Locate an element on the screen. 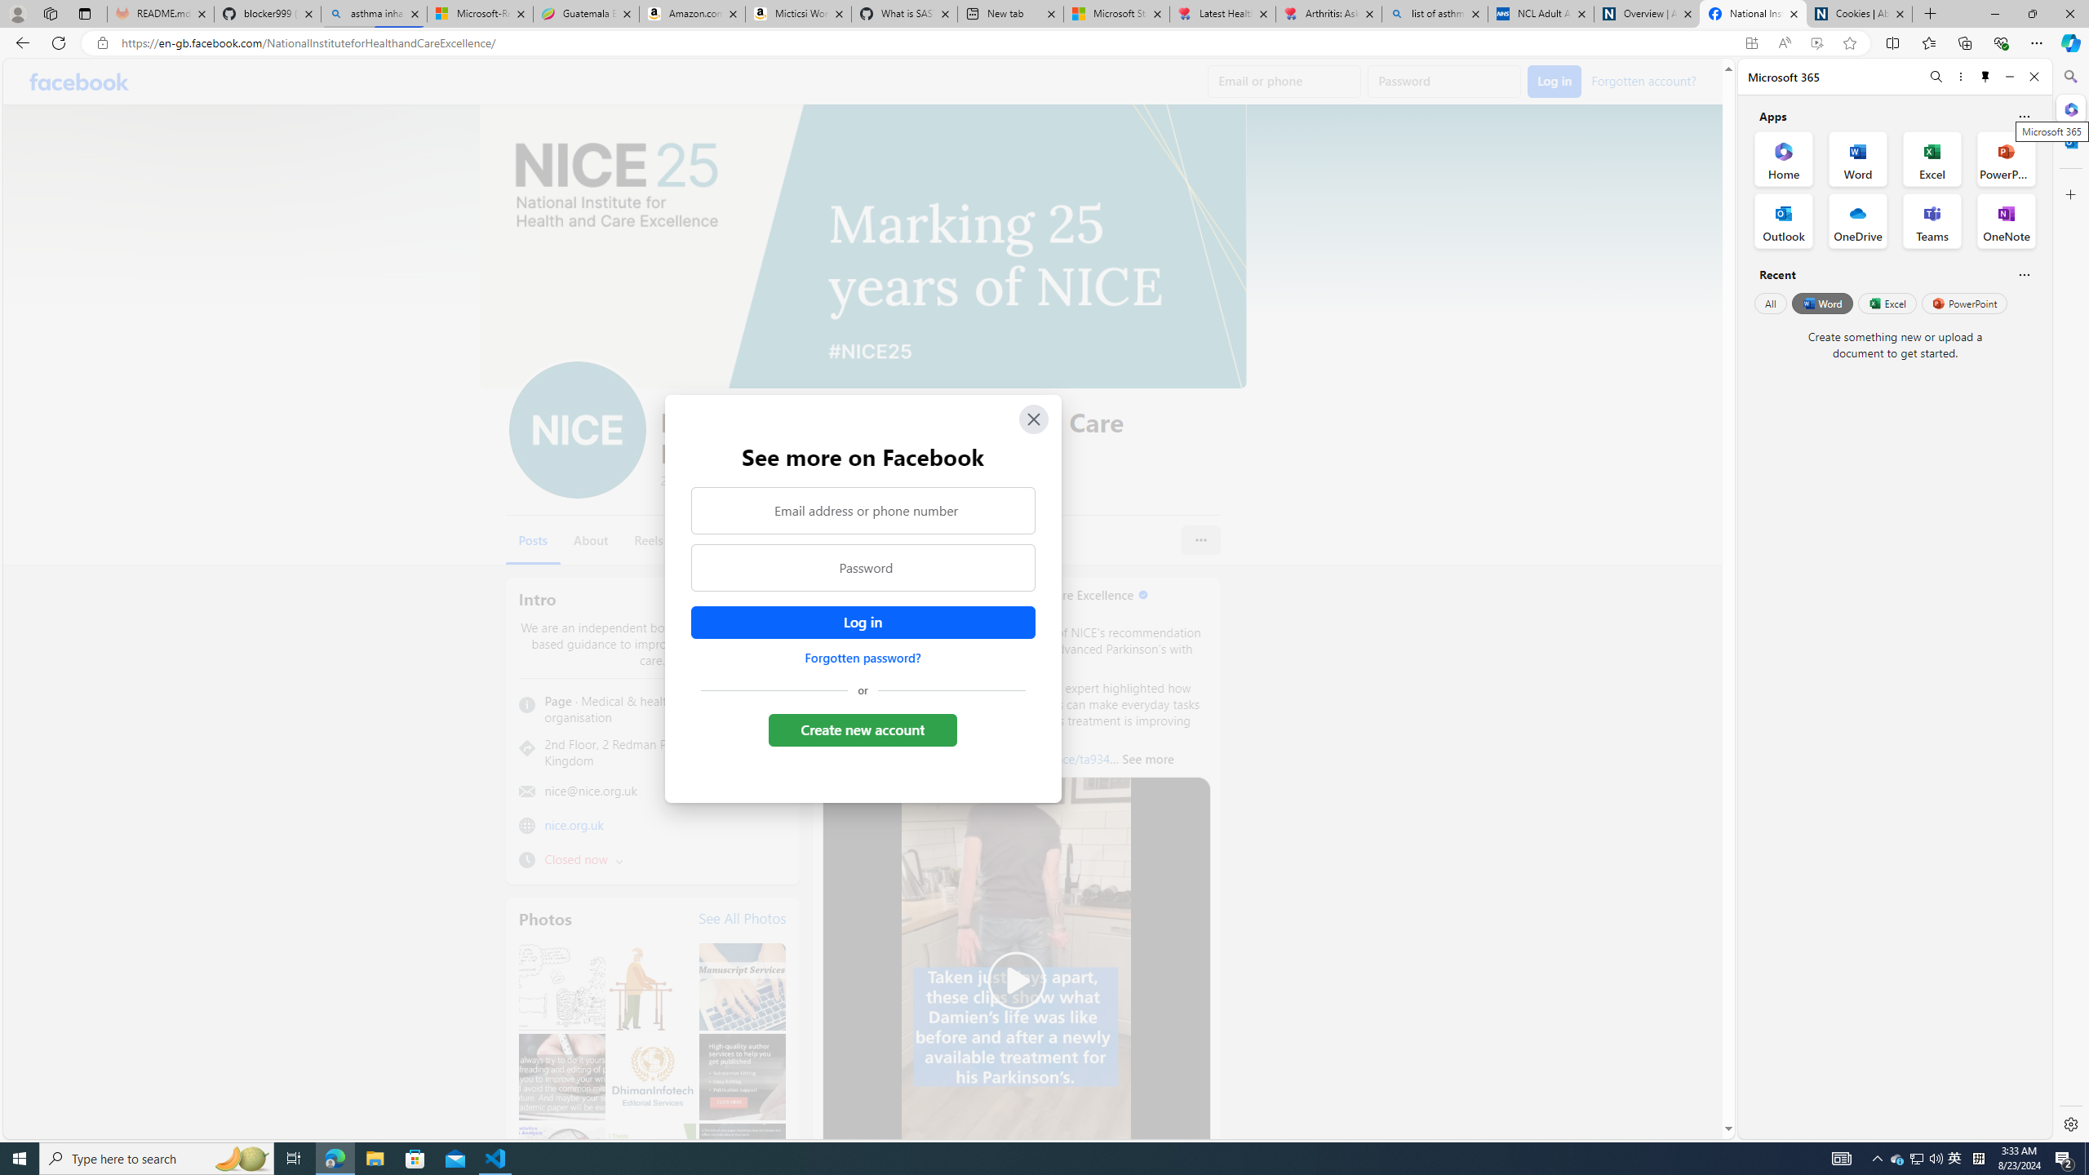 The image size is (2089, 1175). 'Email address or phone number' is located at coordinates (862, 509).